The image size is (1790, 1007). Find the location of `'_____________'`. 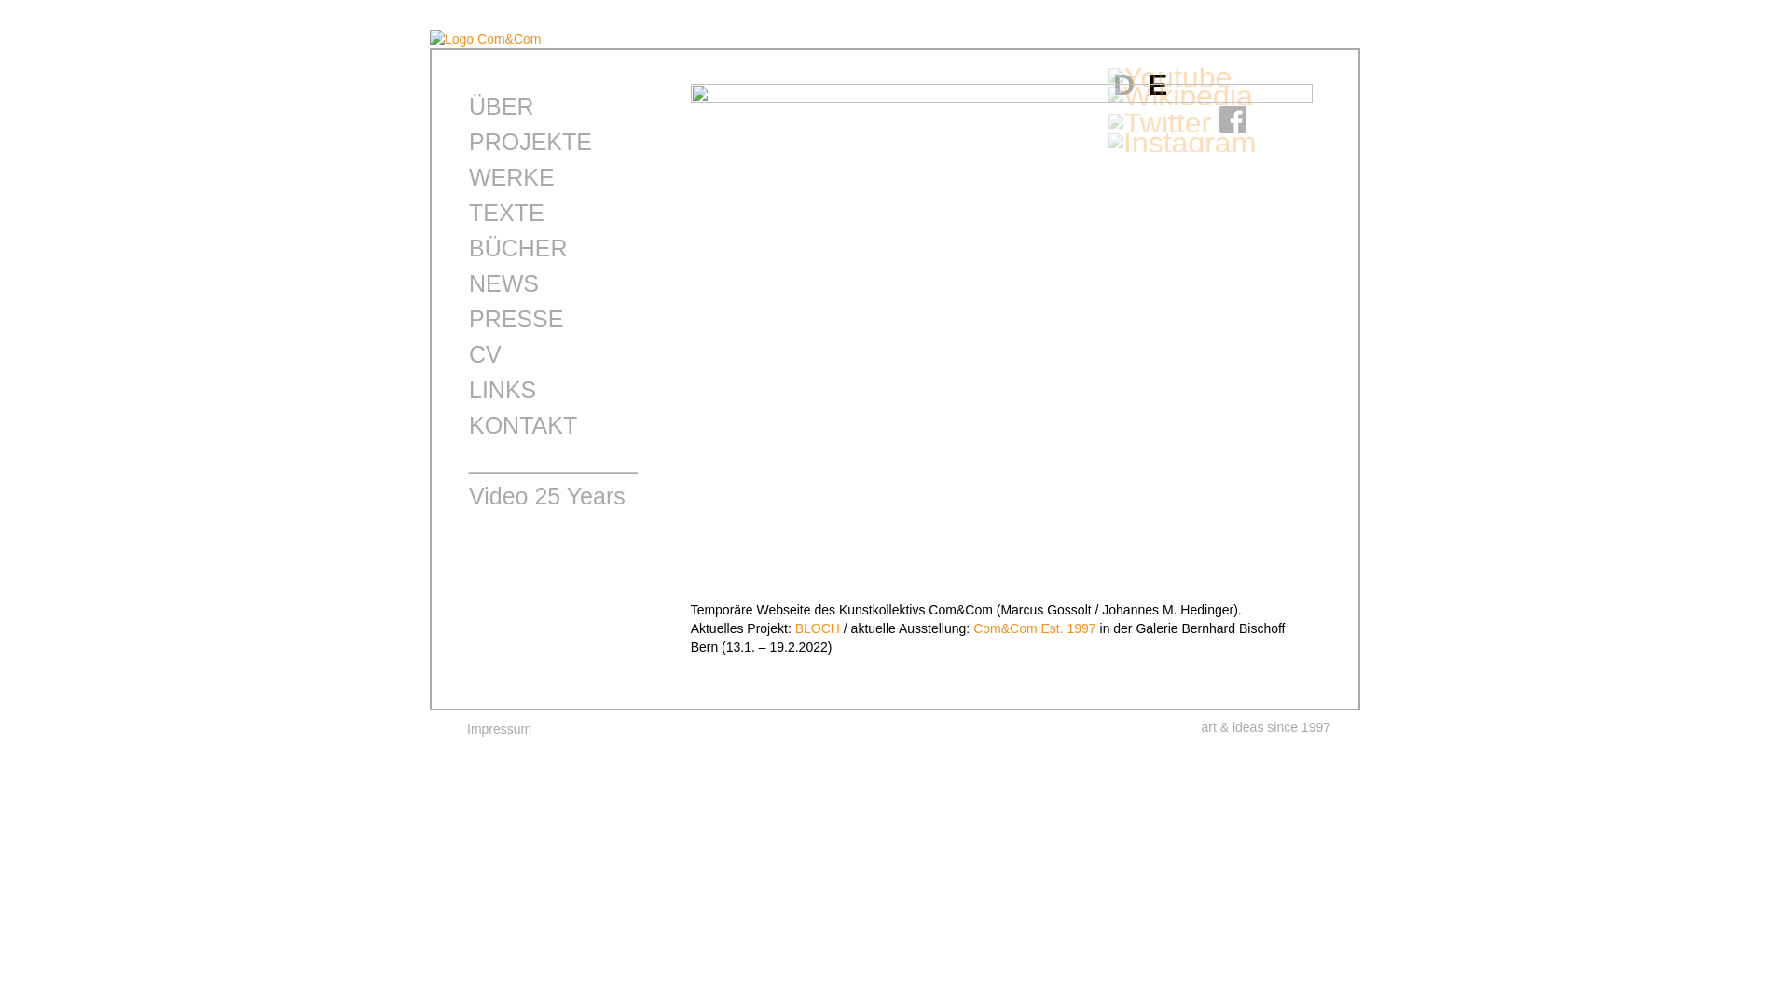

'_____________' is located at coordinates (469, 460).